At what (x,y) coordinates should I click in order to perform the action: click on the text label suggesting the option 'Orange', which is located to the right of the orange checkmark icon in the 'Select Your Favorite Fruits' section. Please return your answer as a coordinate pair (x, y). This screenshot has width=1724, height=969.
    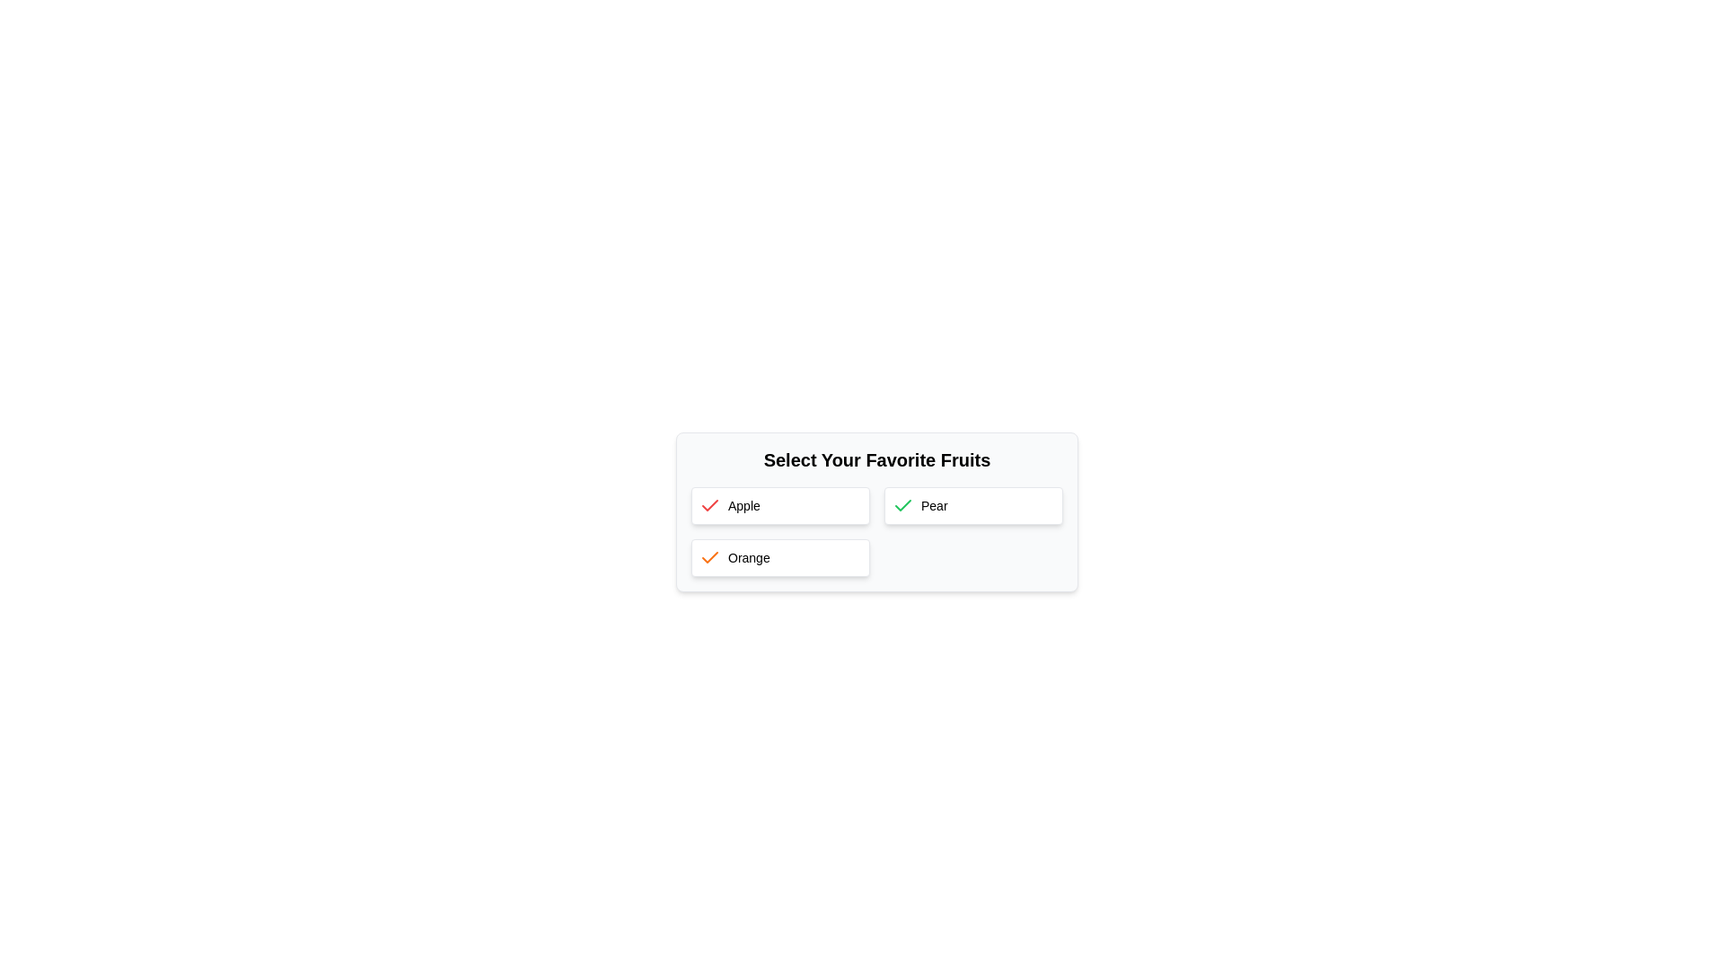
    Looking at the image, I should click on (749, 556).